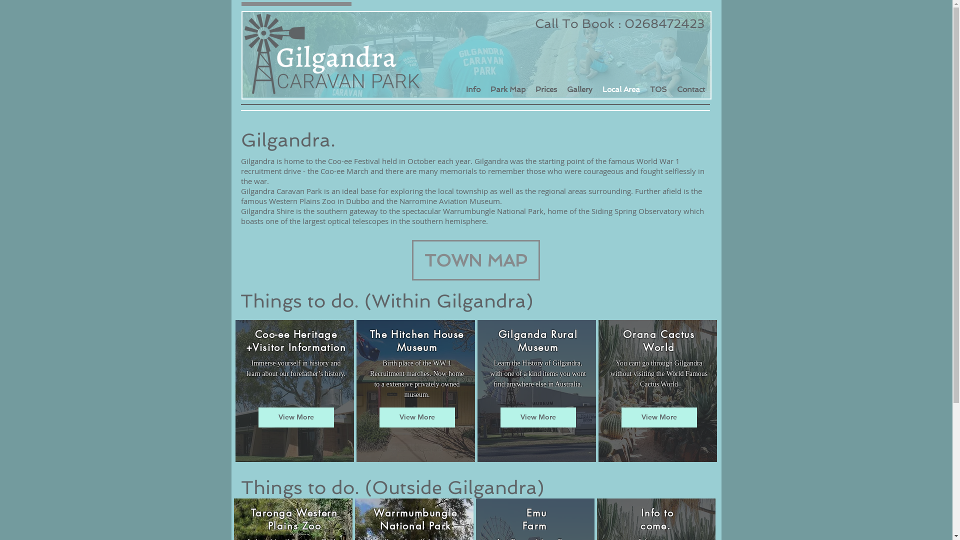  Describe the element at coordinates (529, 88) in the screenshot. I see `'Prices'` at that location.